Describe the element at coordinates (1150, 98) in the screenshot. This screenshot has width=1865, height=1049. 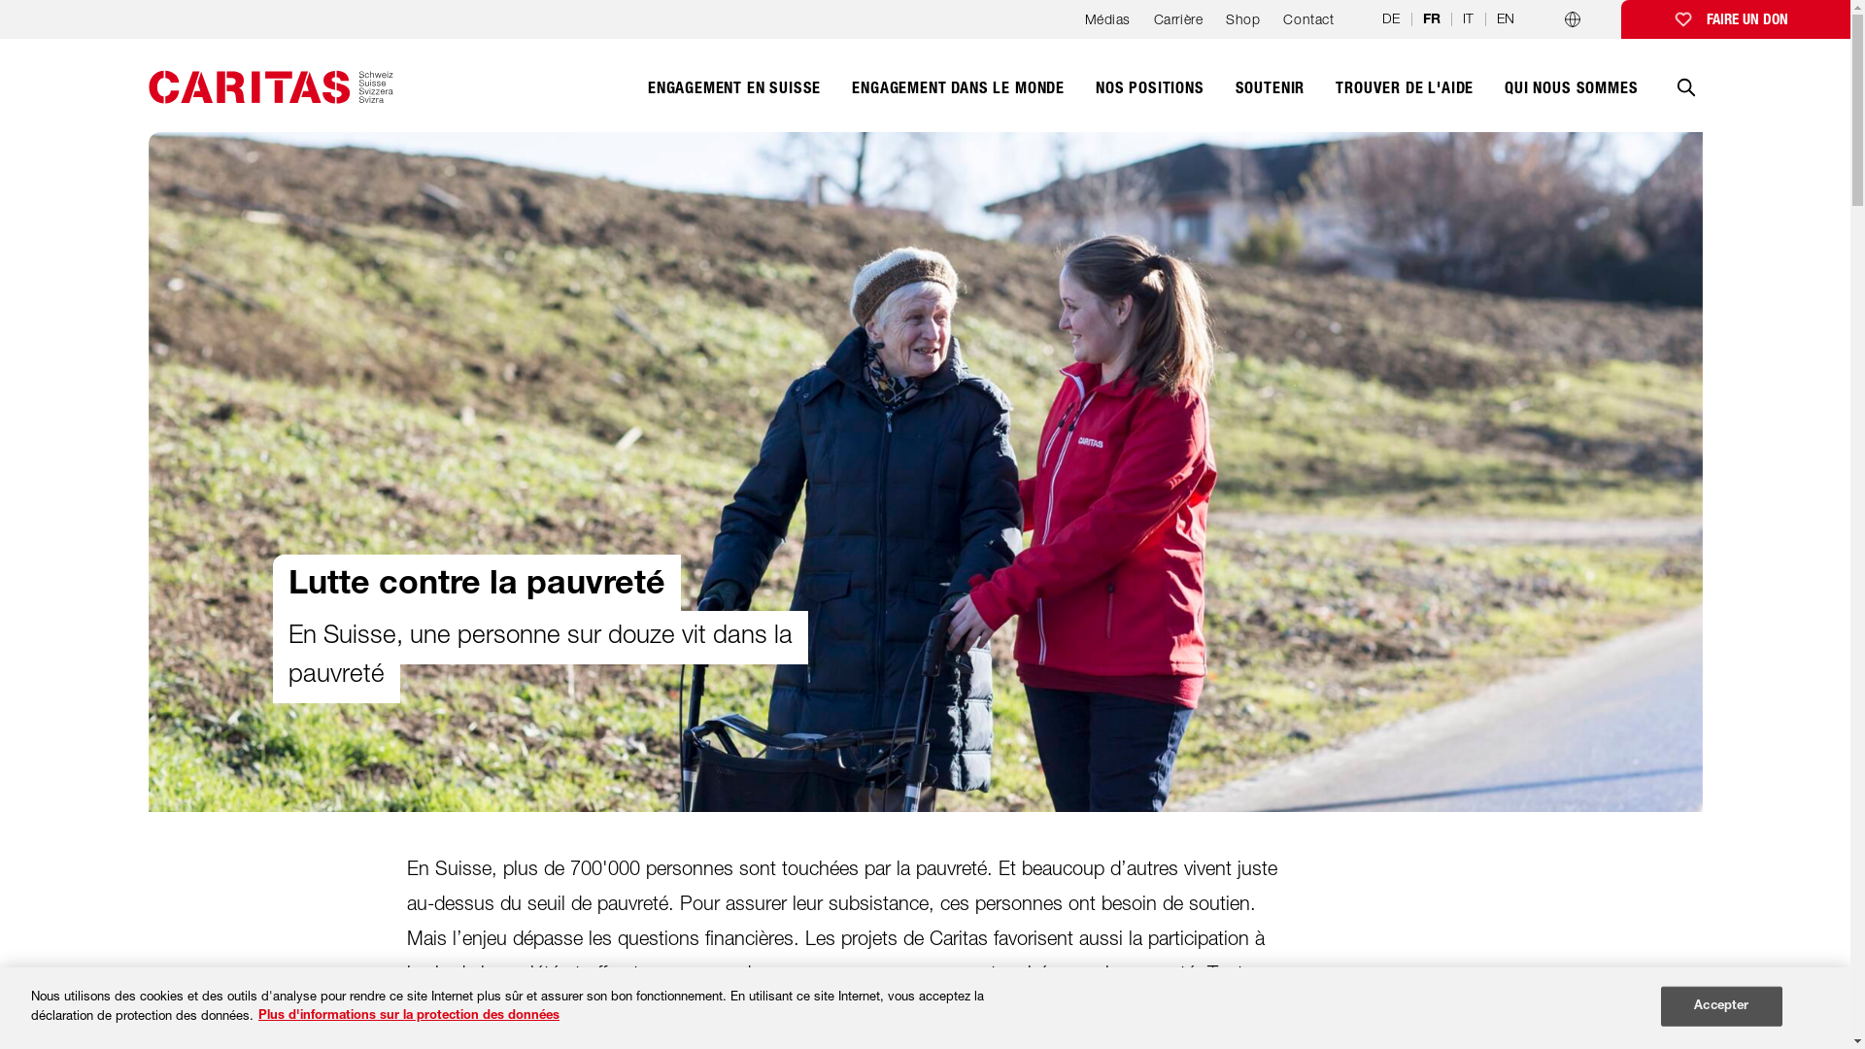
I see `'NOS POSITIONS'` at that location.